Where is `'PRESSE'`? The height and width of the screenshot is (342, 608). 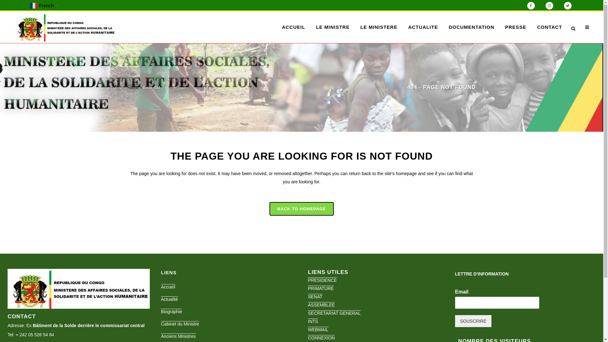 'PRESSE' is located at coordinates (516, 27).